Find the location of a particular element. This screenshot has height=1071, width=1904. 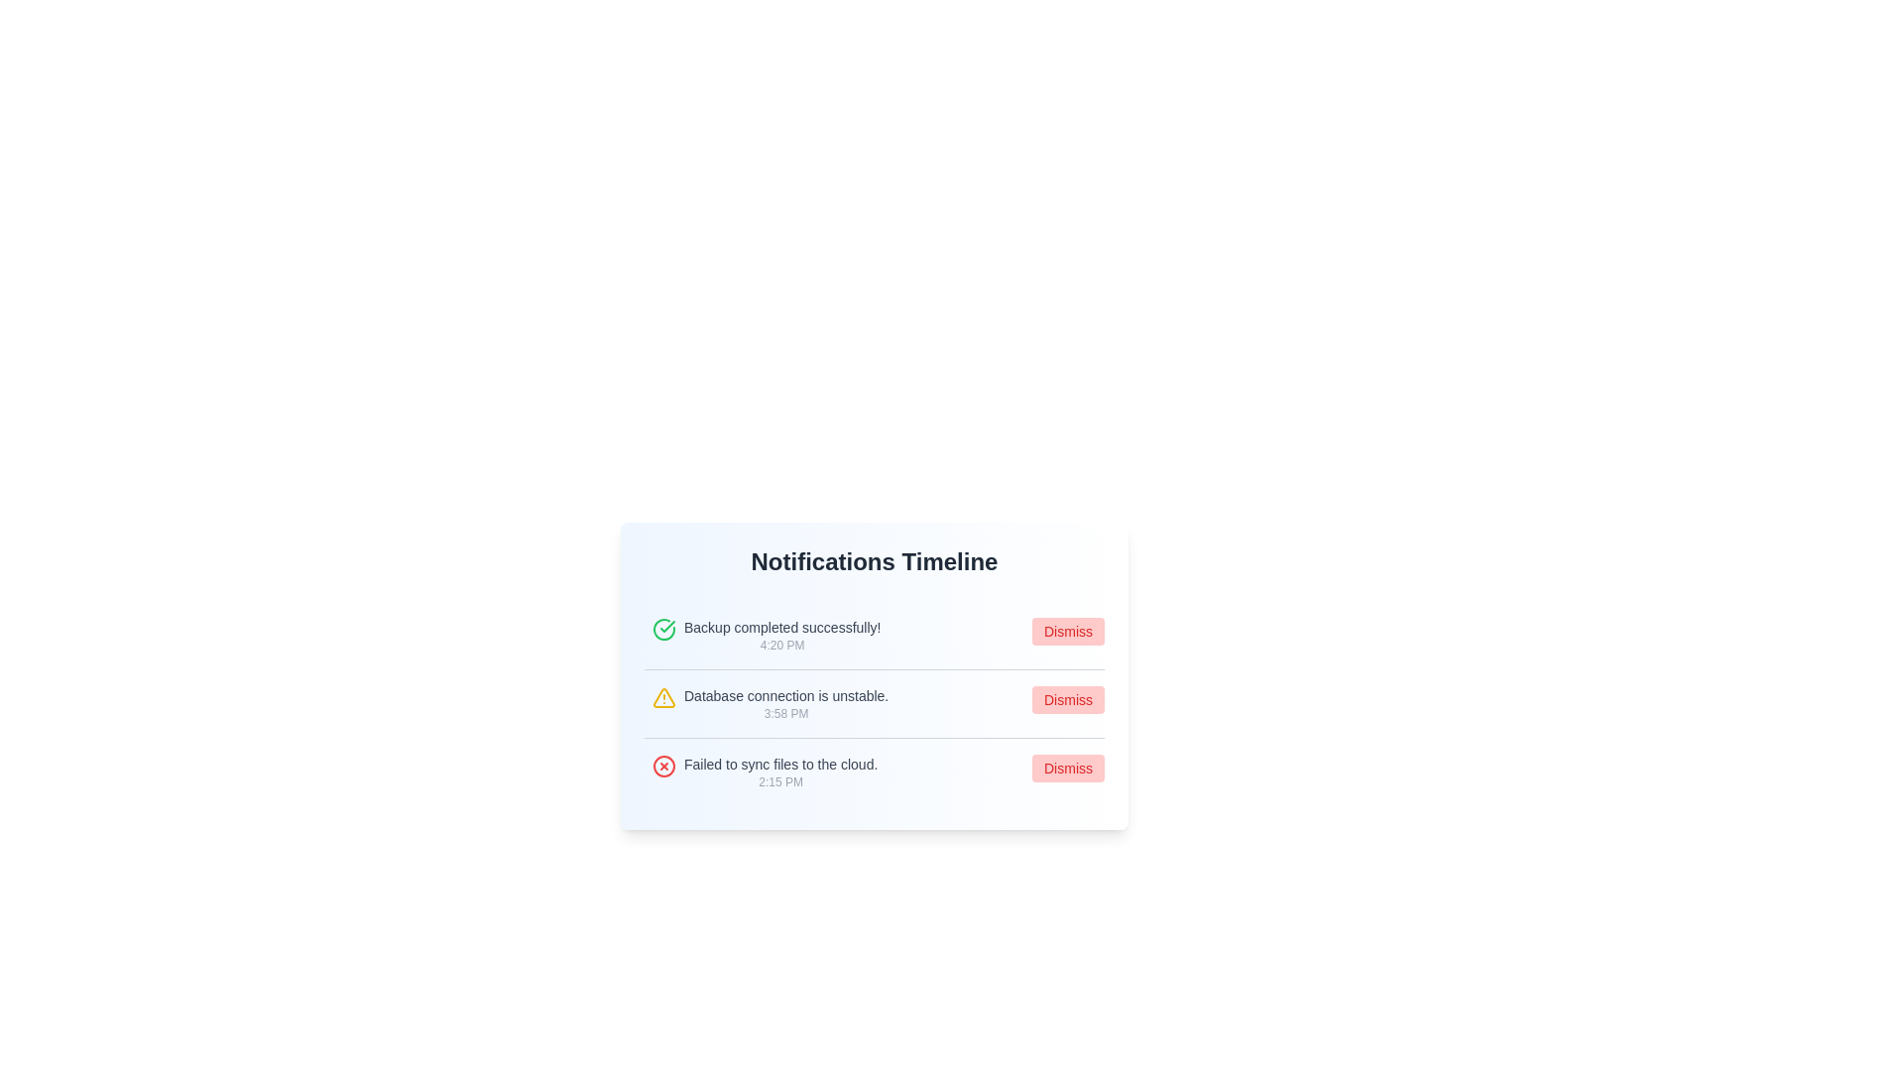

text content of the third notification in the 'Notifications Timeline' panel, which indicates a failure to sync files to the cloud is located at coordinates (779, 772).